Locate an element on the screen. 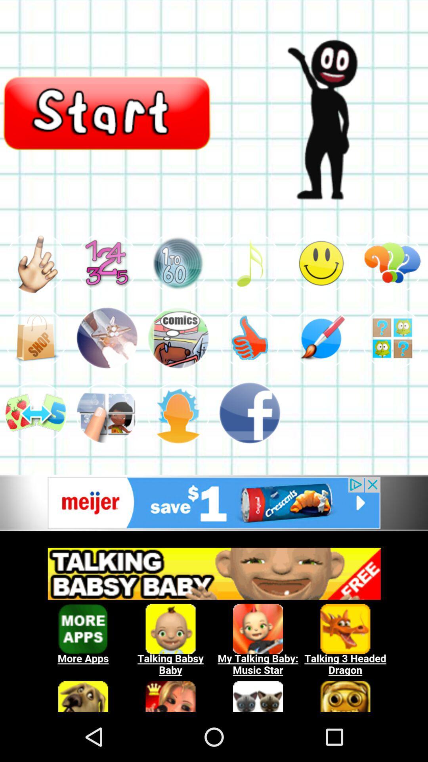 The image size is (428, 762). memorization game is located at coordinates (392, 338).